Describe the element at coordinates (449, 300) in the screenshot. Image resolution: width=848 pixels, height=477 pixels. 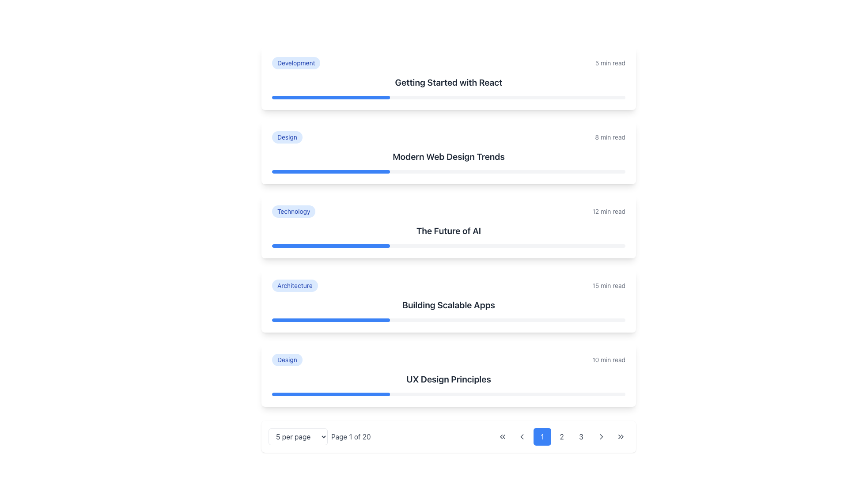
I see `the fourth card titled 'Building Scalable Apps' in the vertical list` at that location.